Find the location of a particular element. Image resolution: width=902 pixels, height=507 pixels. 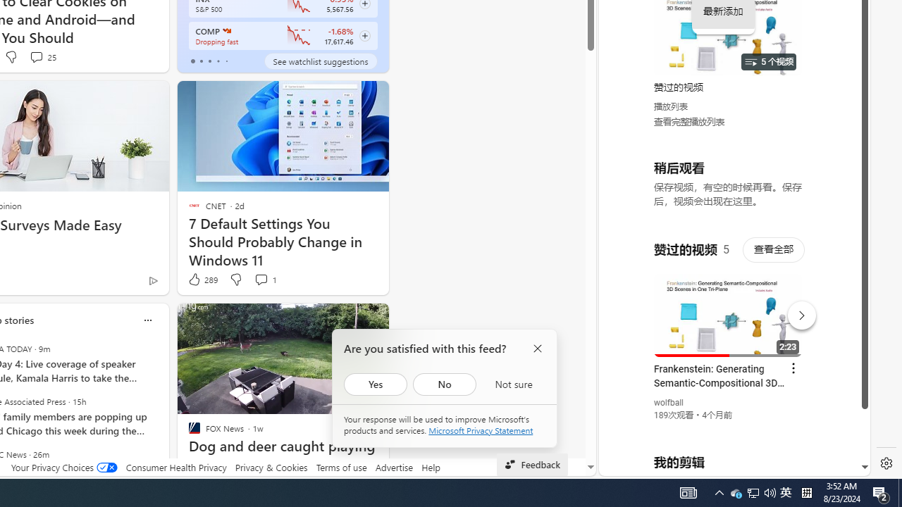

'tab-2' is located at coordinates (209, 61).